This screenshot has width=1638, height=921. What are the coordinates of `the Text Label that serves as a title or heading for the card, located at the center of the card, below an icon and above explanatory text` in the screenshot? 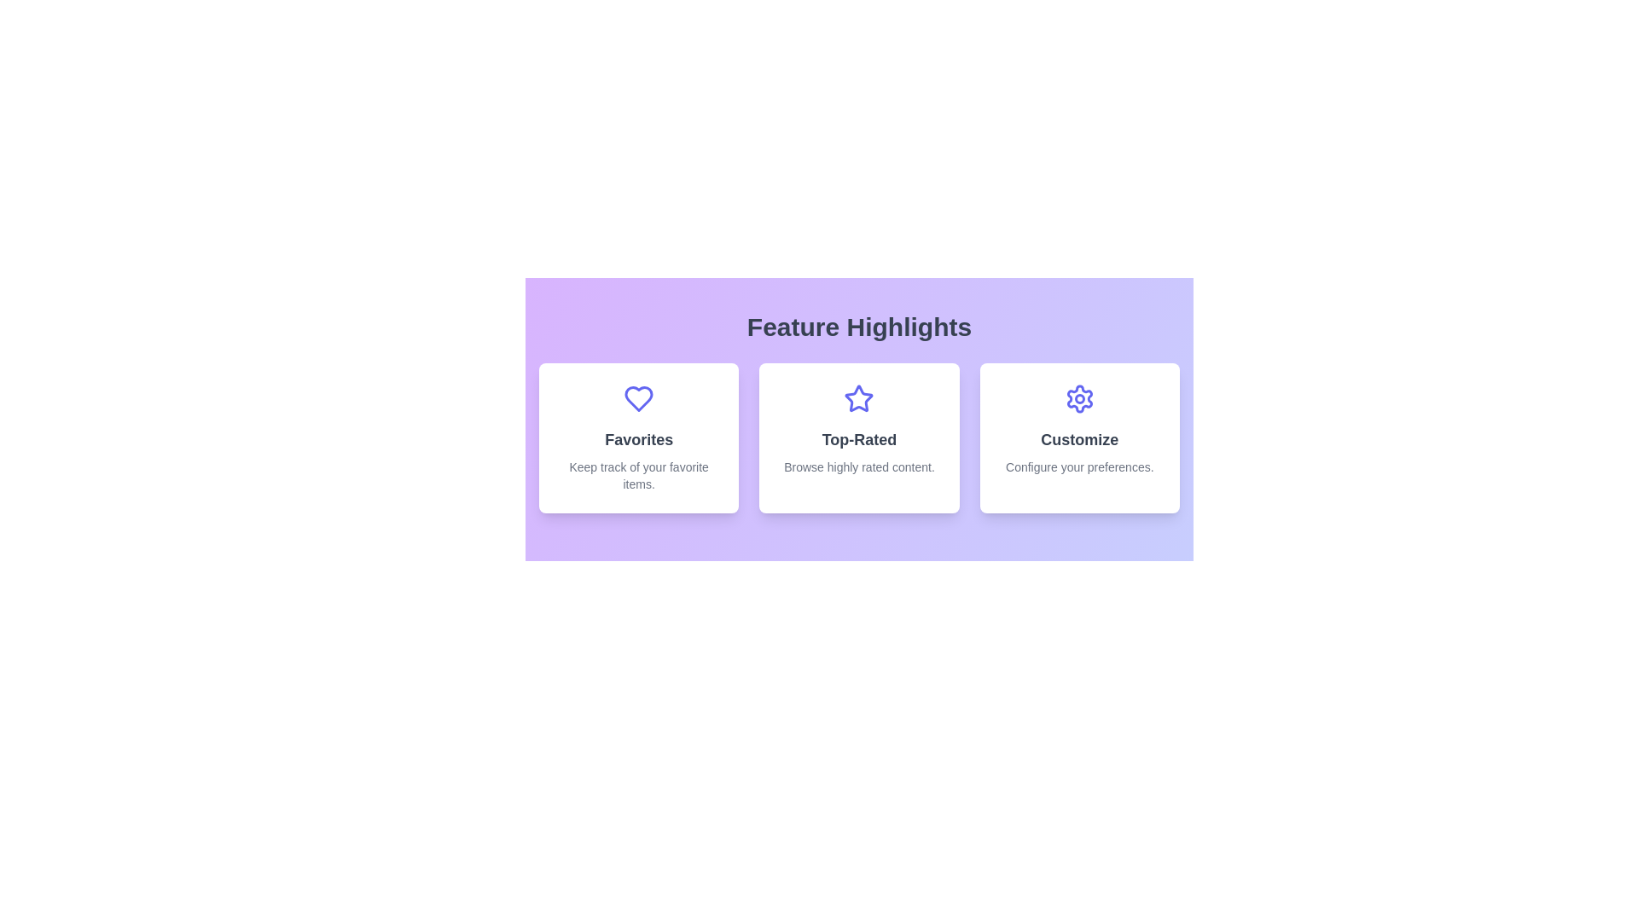 It's located at (1078, 439).